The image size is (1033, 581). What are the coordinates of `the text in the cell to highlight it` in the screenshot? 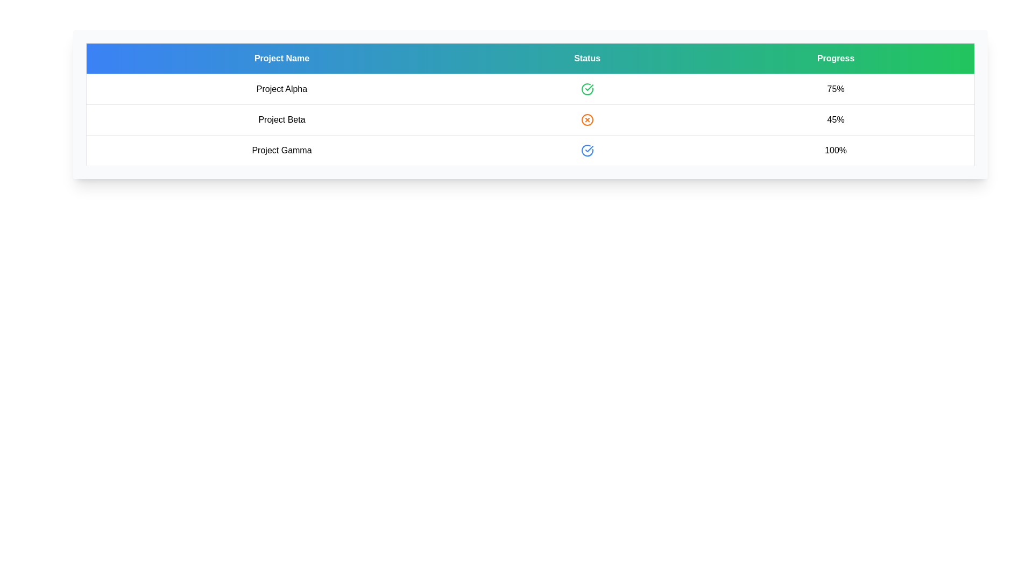 It's located at (281, 88).